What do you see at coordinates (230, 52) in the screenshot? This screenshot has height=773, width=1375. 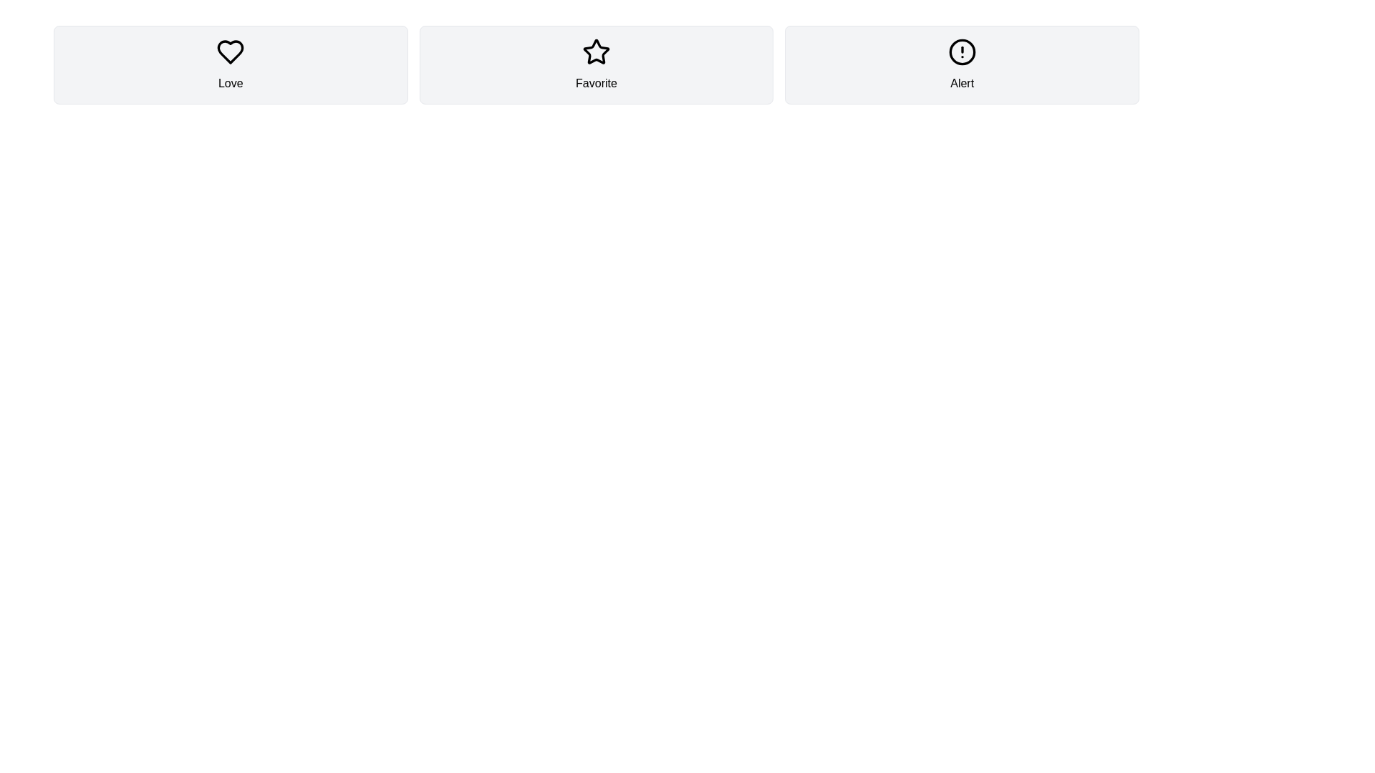 I see `the 'Love' icon located in the first group of three horizontally aligned items at the top center of the layout, positioned above the text 'Love'` at bounding box center [230, 52].